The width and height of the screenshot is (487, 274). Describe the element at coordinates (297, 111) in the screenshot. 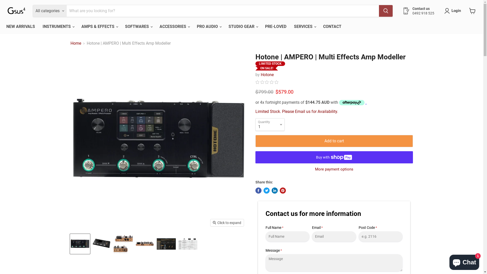

I see `'Limited Stock. Please Email us for Availability.'` at that location.